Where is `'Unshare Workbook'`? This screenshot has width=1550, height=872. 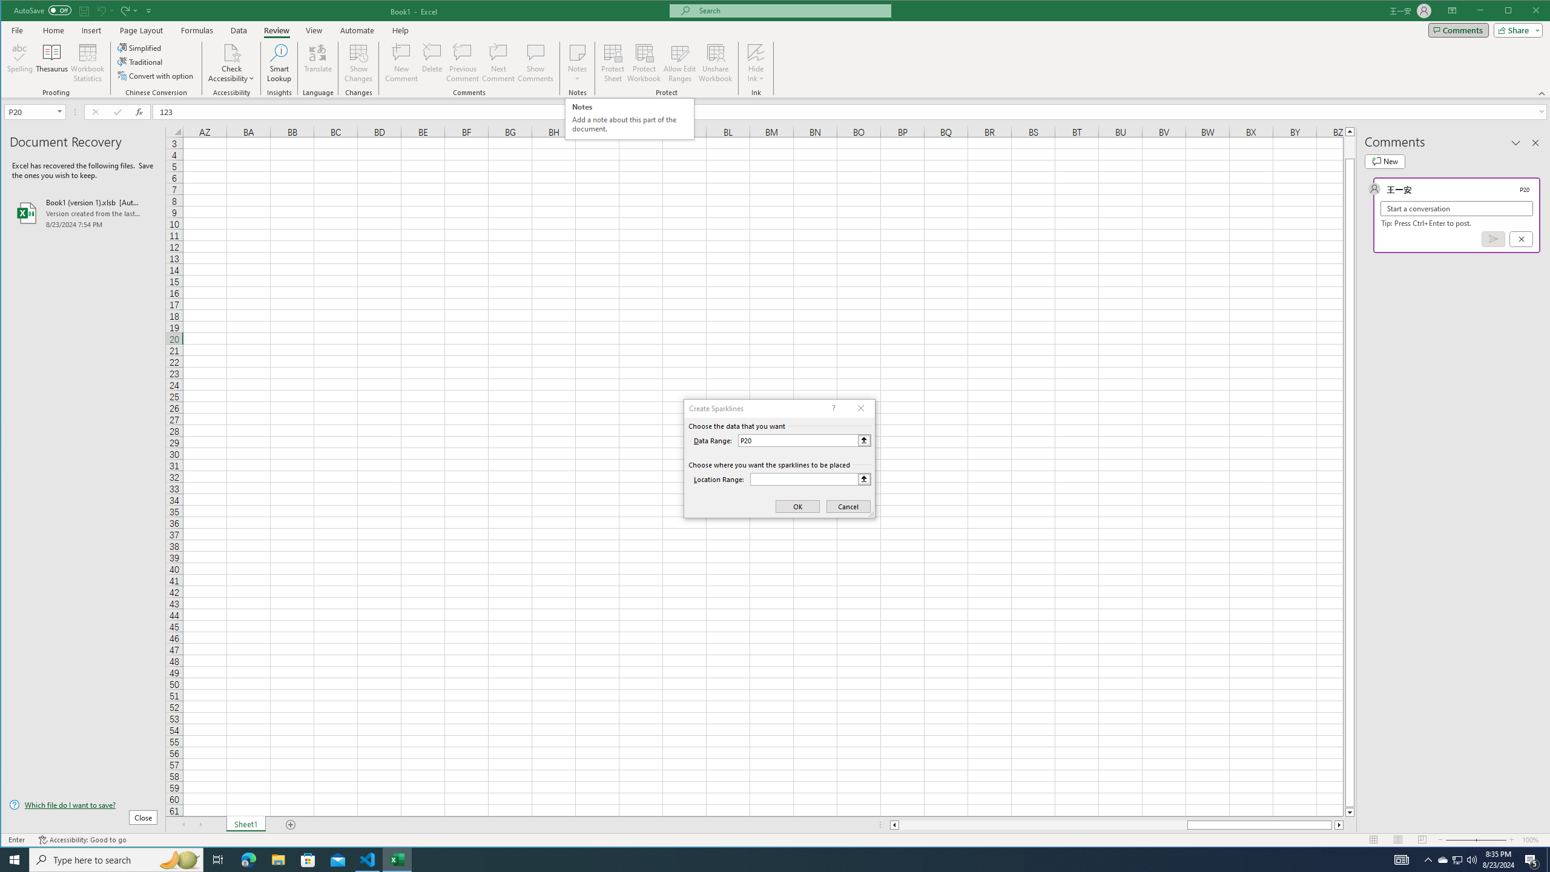
'Unshare Workbook' is located at coordinates (715, 62).